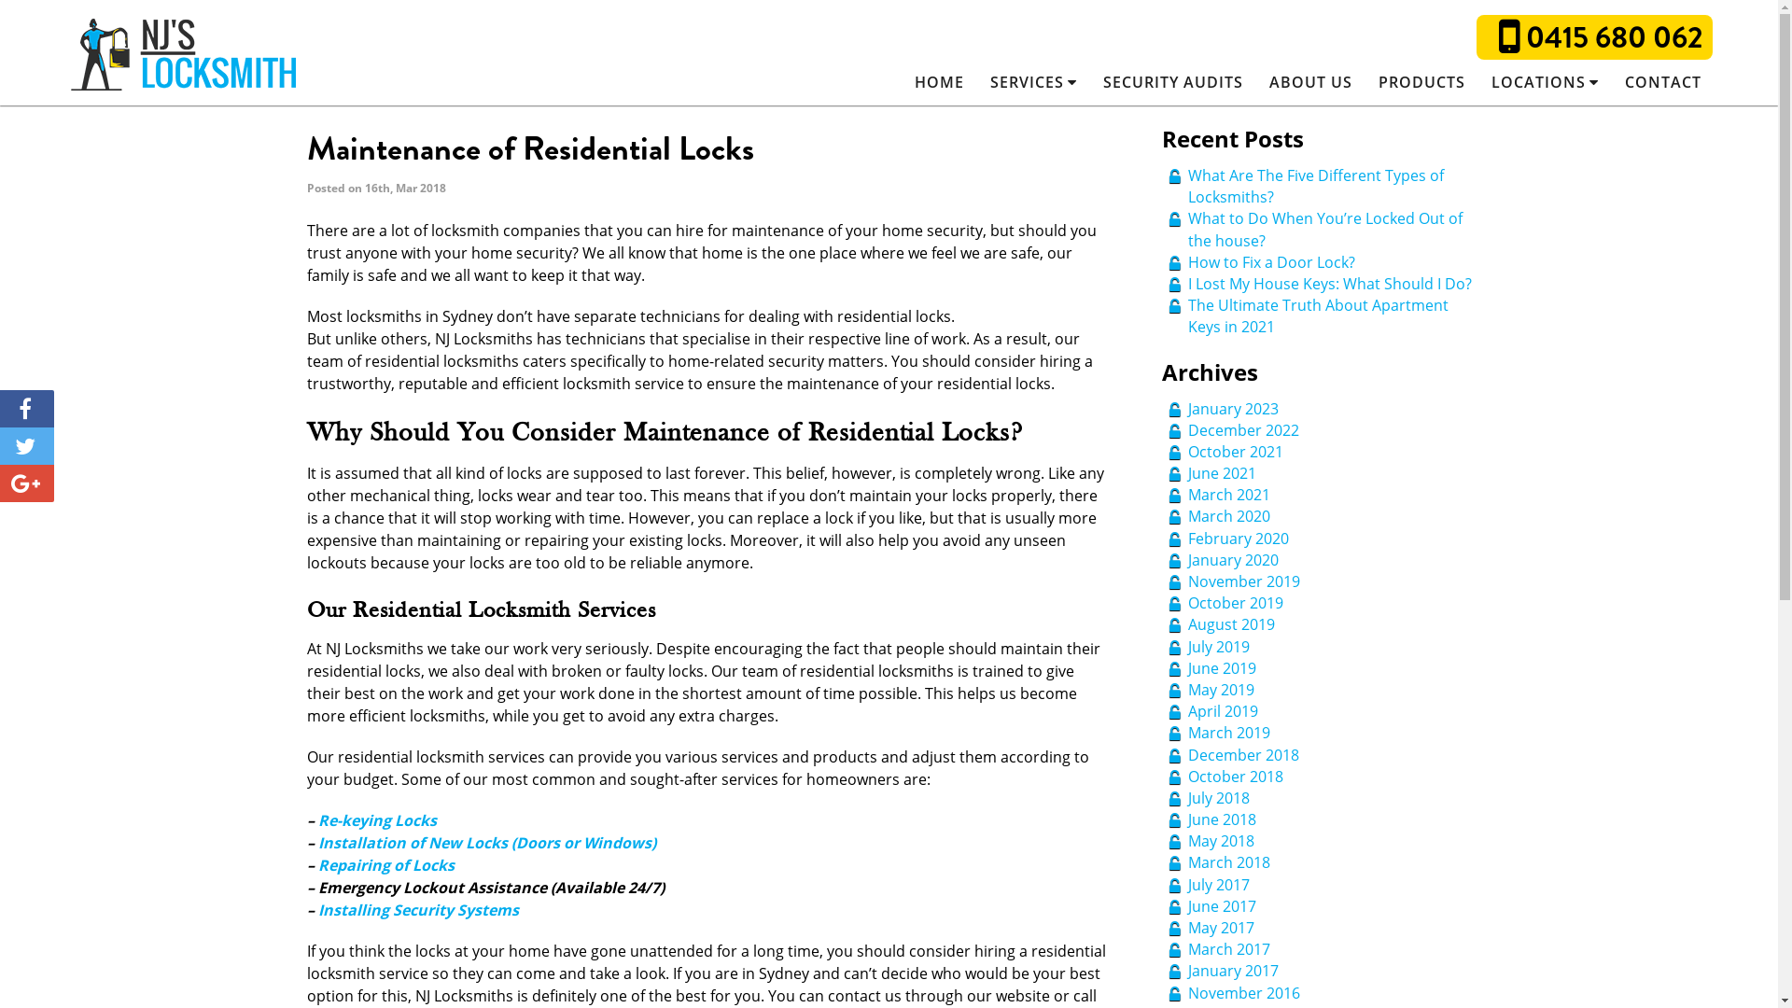 The height and width of the screenshot is (1008, 1792). Describe the element at coordinates (1242, 754) in the screenshot. I see `'December 2018'` at that location.